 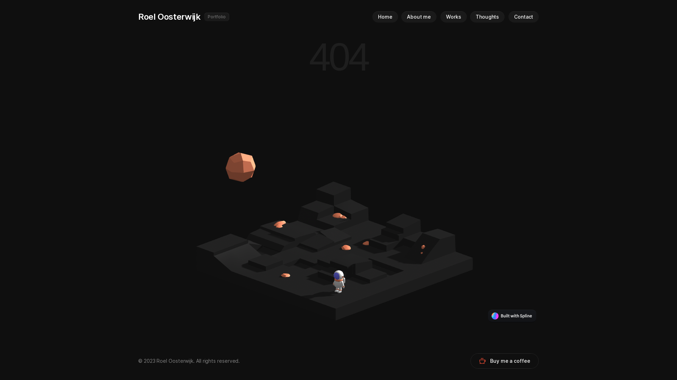 What do you see at coordinates (487, 16) in the screenshot?
I see `'Thoughts'` at bounding box center [487, 16].